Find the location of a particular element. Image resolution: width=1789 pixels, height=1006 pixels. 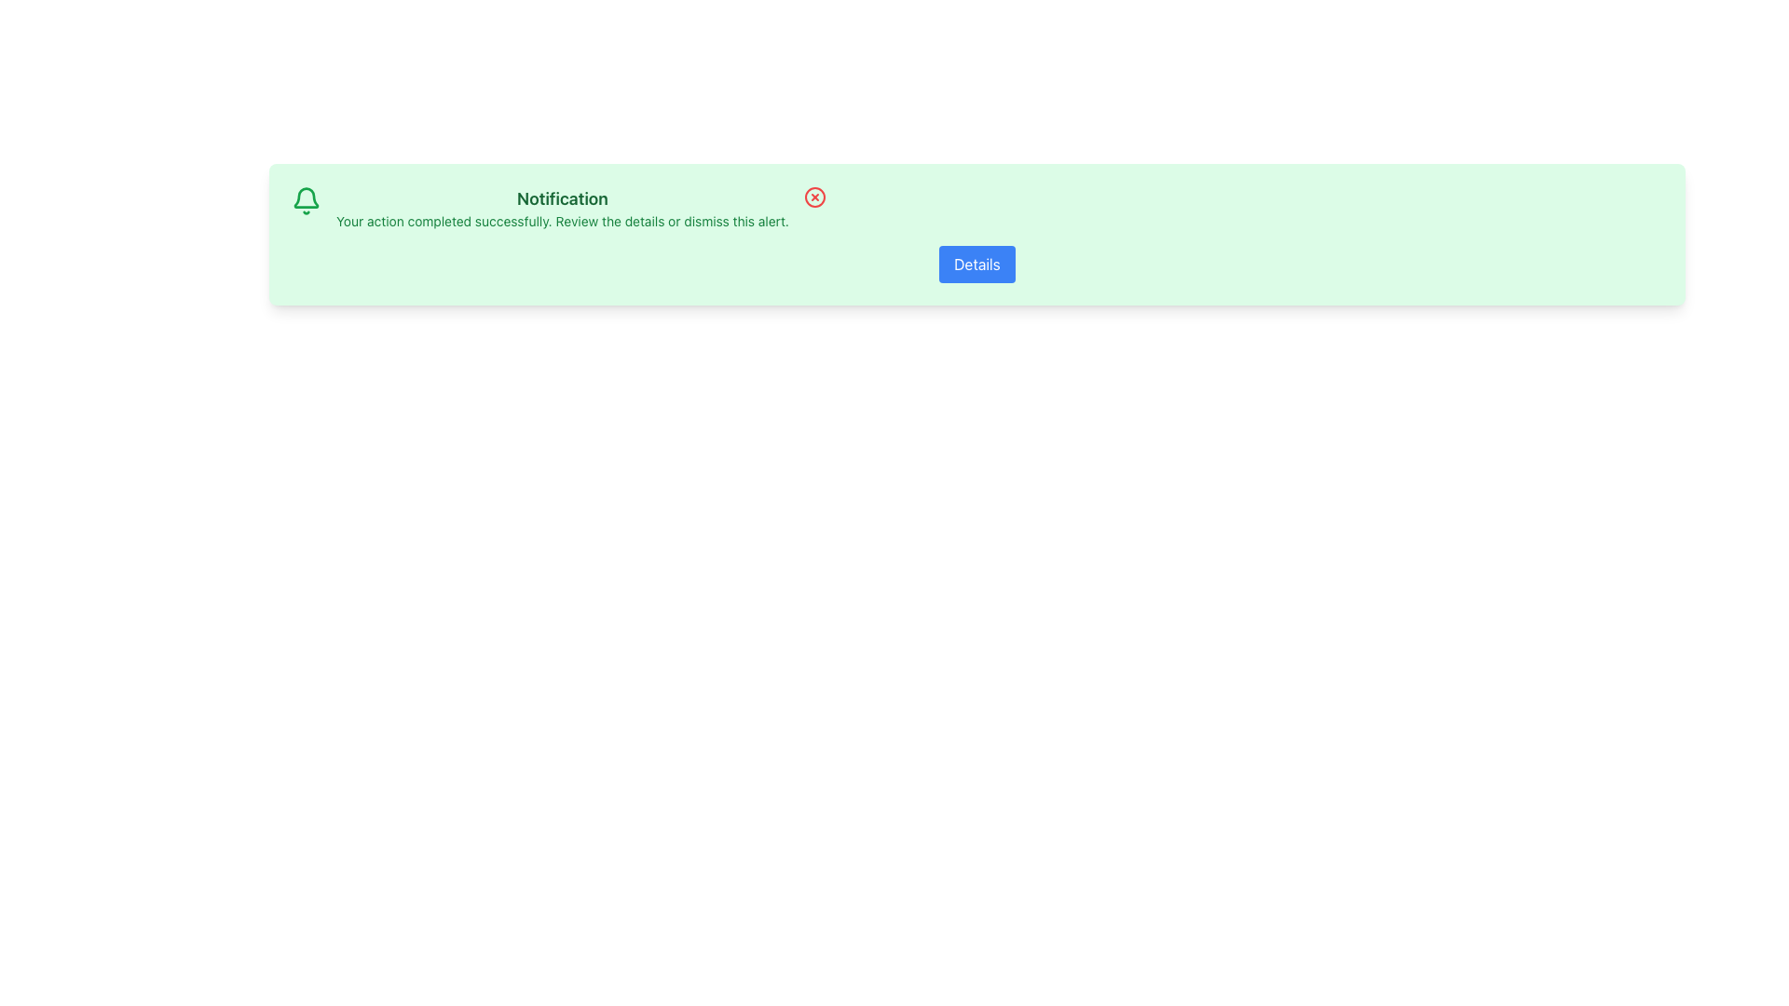

the SVG Circle located in the top-right portion of the notification banner to interact with it is located at coordinates (814, 197).